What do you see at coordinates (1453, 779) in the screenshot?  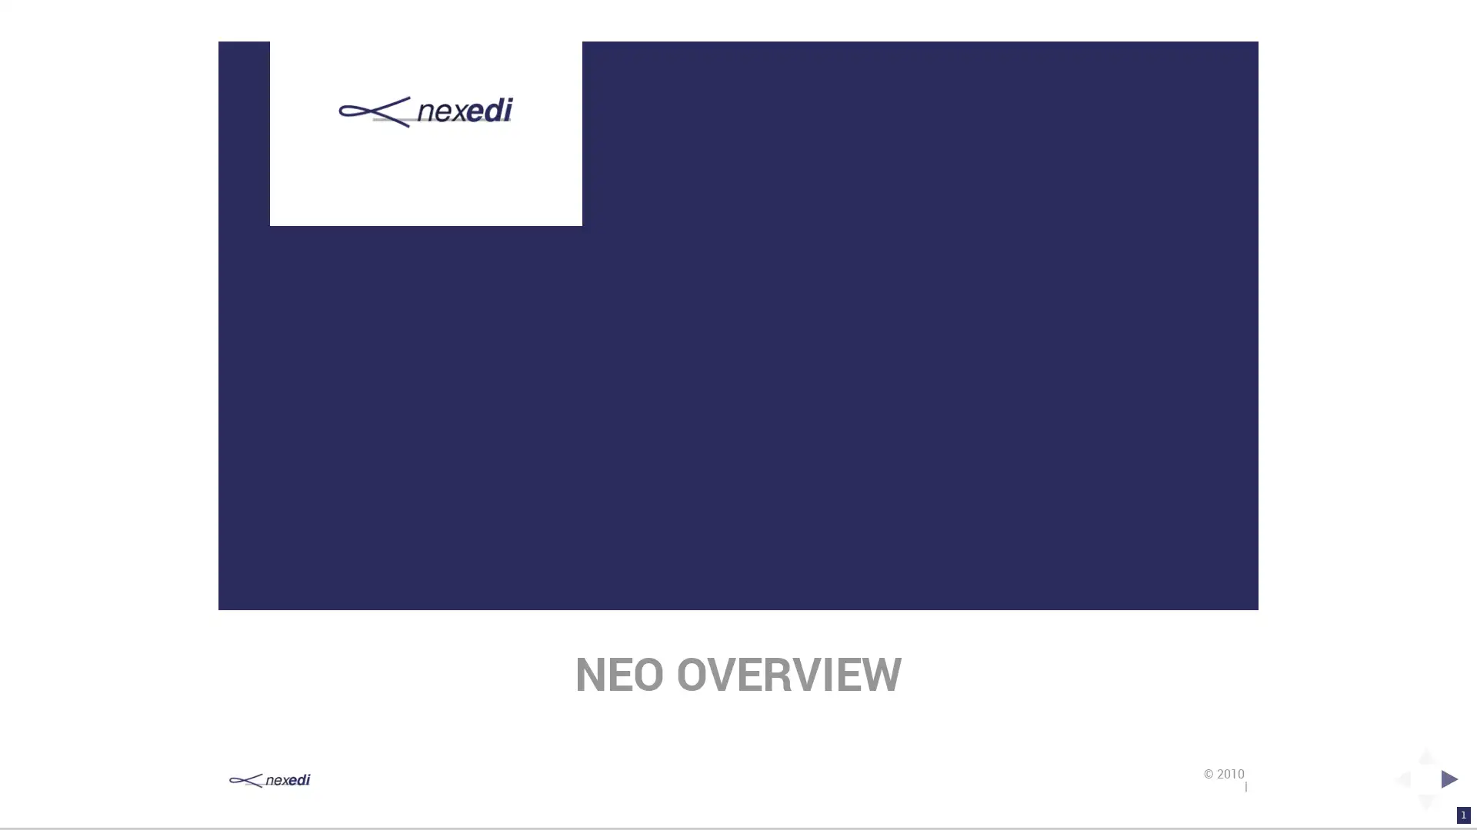 I see `next slide` at bounding box center [1453, 779].